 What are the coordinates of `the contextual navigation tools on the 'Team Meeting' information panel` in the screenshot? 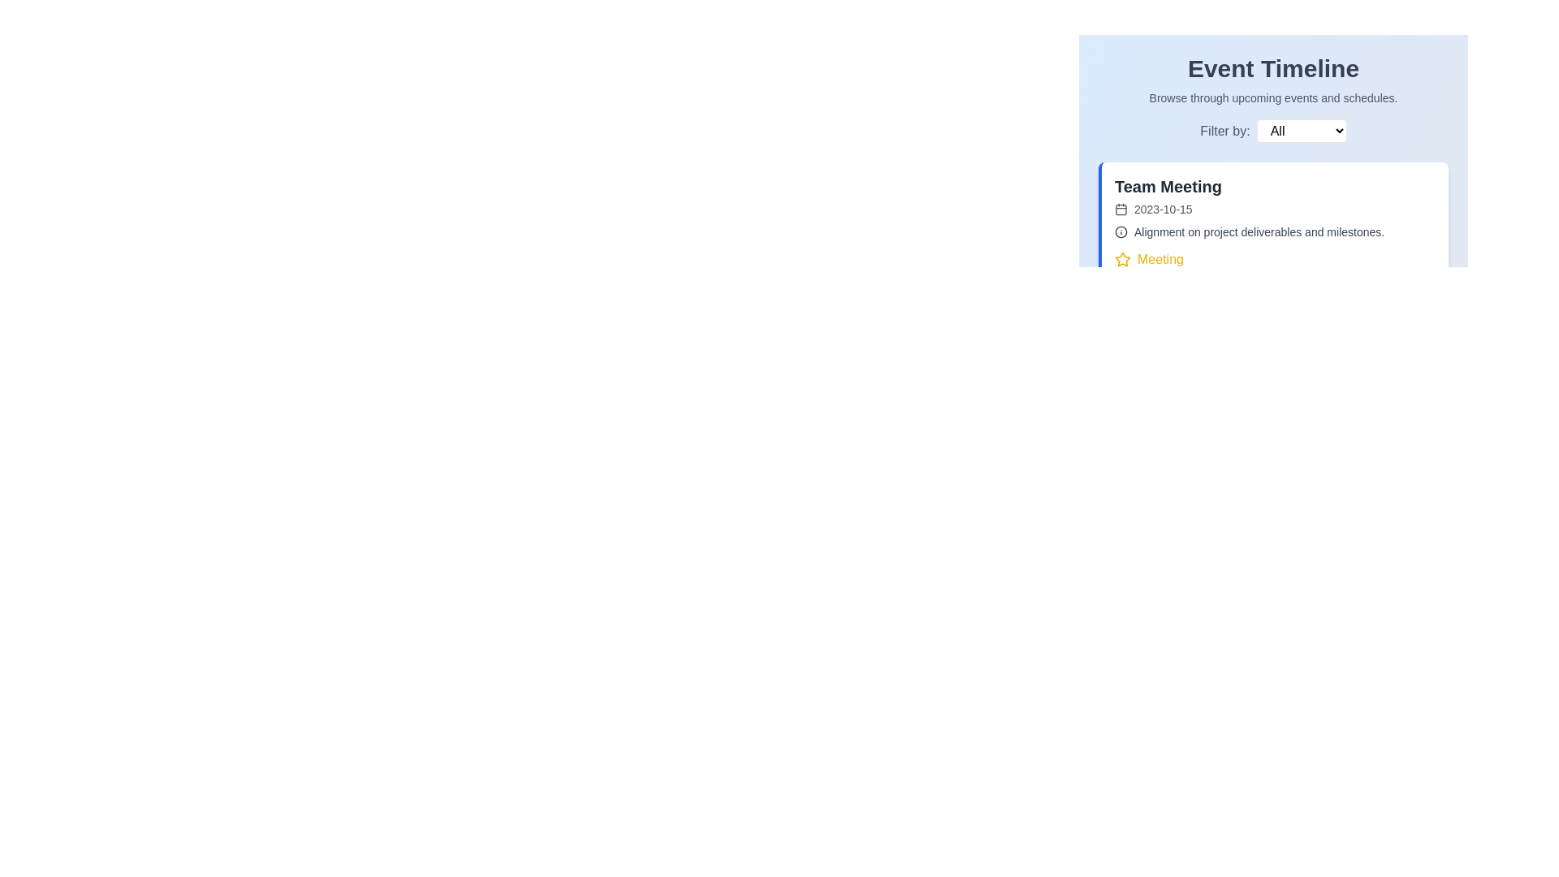 It's located at (1272, 355).